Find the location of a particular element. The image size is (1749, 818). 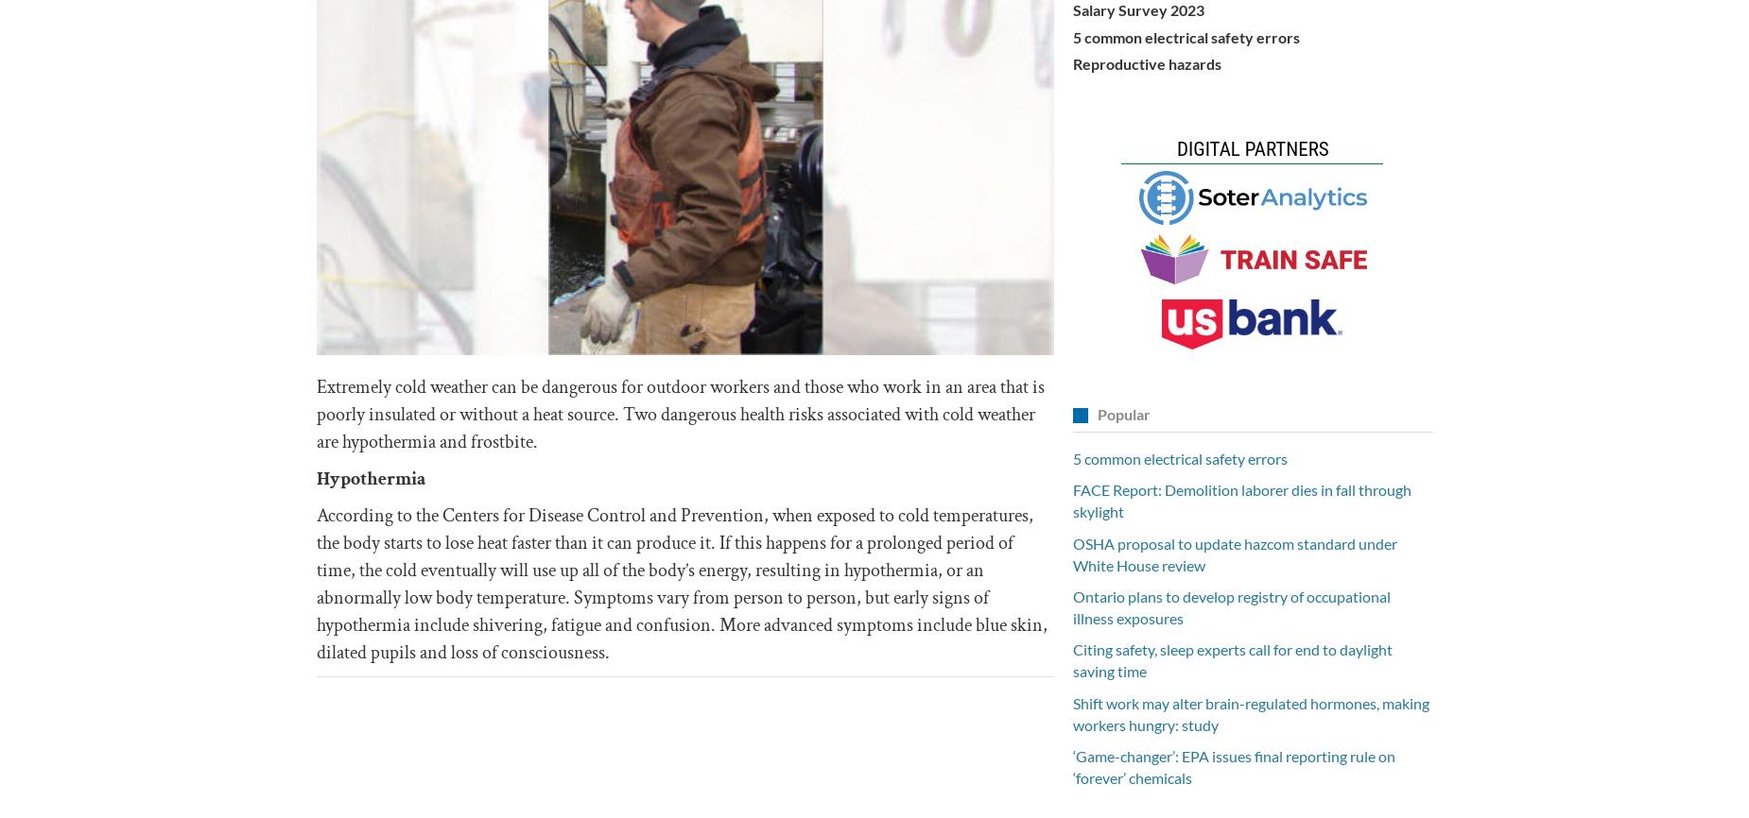

'According to the Centers for Disease Control and Prevention, when exposed to cold temperatures, the body starts to lose heat faster than it can produce it. If this happens for a prolonged period of time, the cold eventually will use up all of the body’s energy, resulting in hypothermia, or an abnormally low body temperature. Symptoms vary from person to person, but early signs of hypothermia include shivering, fatigue and confusion. More advanced symptoms include blue skin, dilated pupils and loss of consciousness.' is located at coordinates (682, 583).